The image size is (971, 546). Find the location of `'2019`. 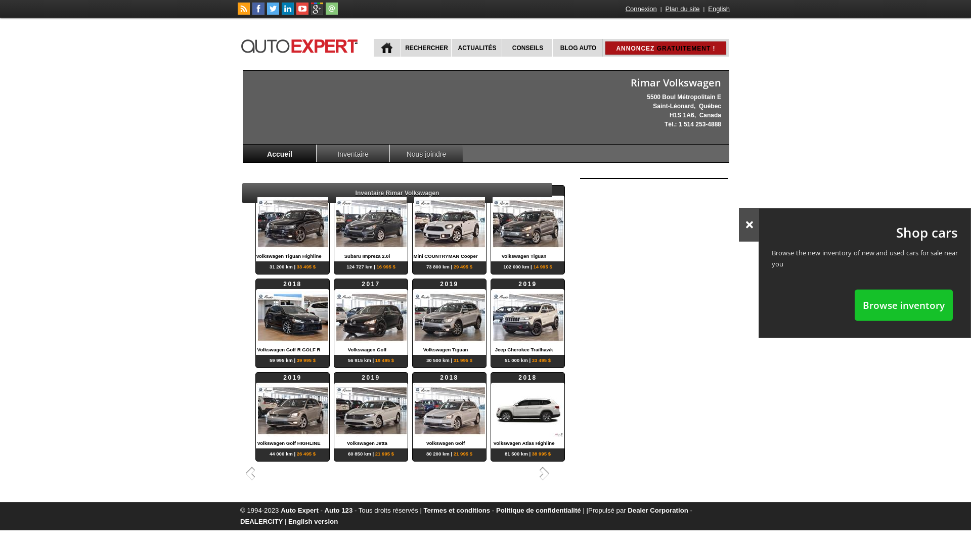

'2019 is located at coordinates (449, 223).